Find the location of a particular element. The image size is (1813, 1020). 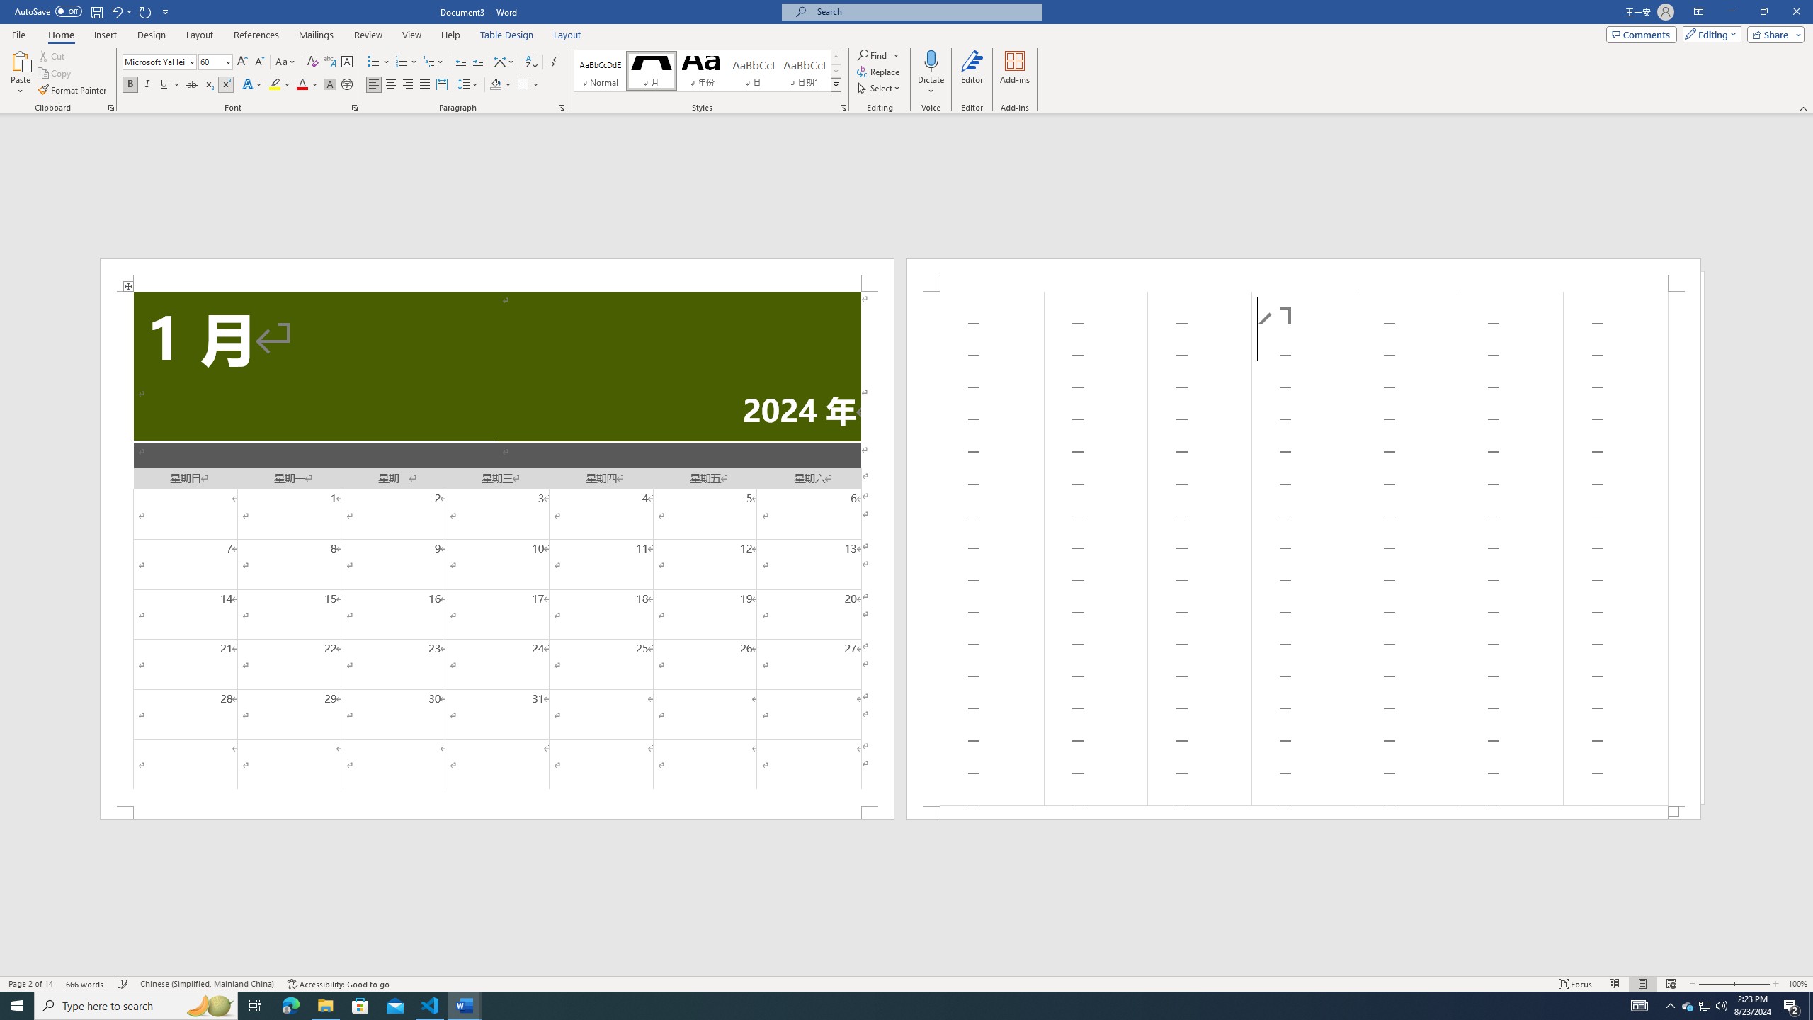

'Restore Down' is located at coordinates (1763, 11).